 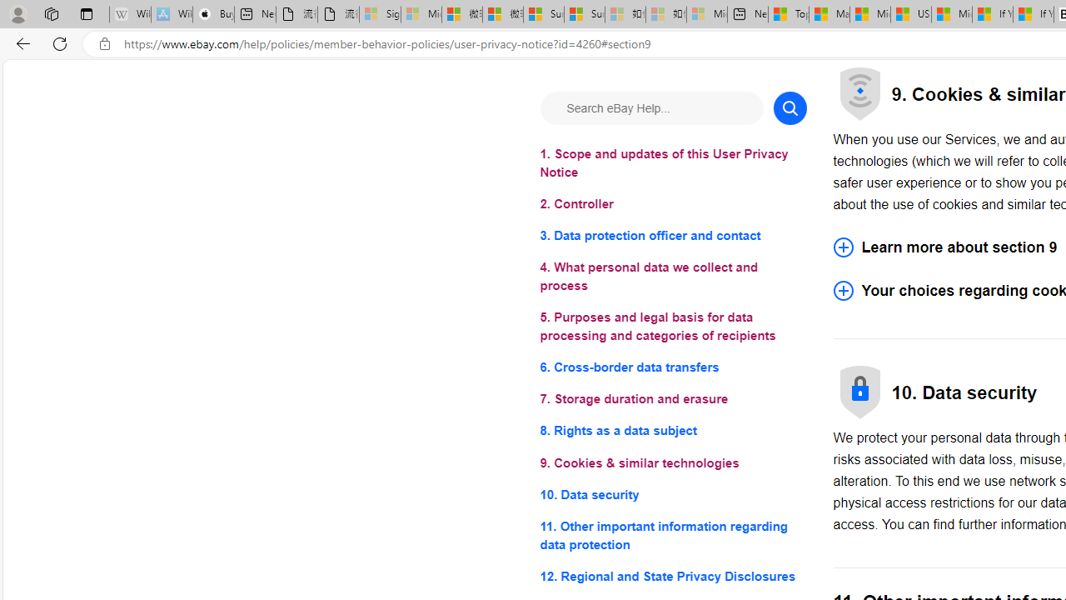 What do you see at coordinates (673, 163) in the screenshot?
I see `'1. Scope and updates of this User Privacy Notice'` at bounding box center [673, 163].